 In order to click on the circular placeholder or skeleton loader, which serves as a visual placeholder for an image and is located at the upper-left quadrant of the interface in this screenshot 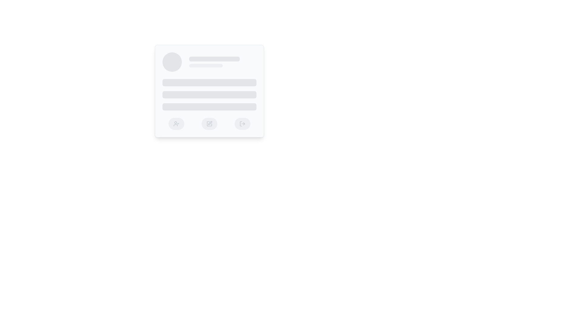, I will do `click(172, 62)`.